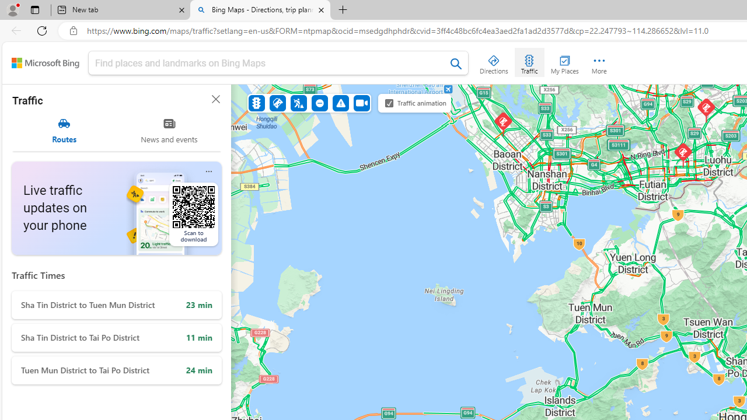 The image size is (747, 420). What do you see at coordinates (278, 65) in the screenshot?
I see `'Class: inputbox'` at bounding box center [278, 65].